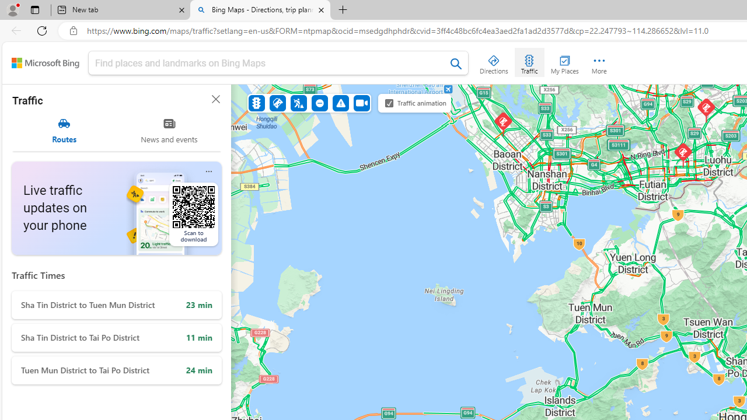 The image size is (747, 420). What do you see at coordinates (278, 65) in the screenshot?
I see `'Class: inputbox'` at bounding box center [278, 65].